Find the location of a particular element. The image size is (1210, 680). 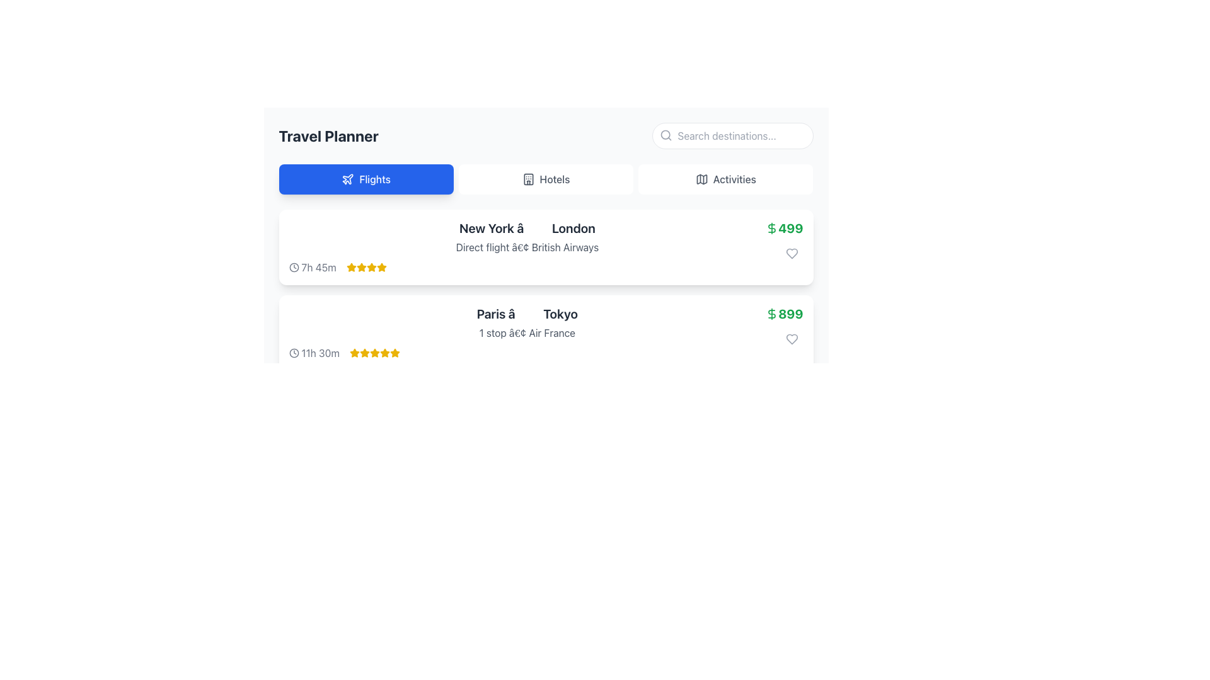

the rating stars element located in the first list item under the flight section titled 'New York to London', next to the '7h 45m' text is located at coordinates (366, 266).